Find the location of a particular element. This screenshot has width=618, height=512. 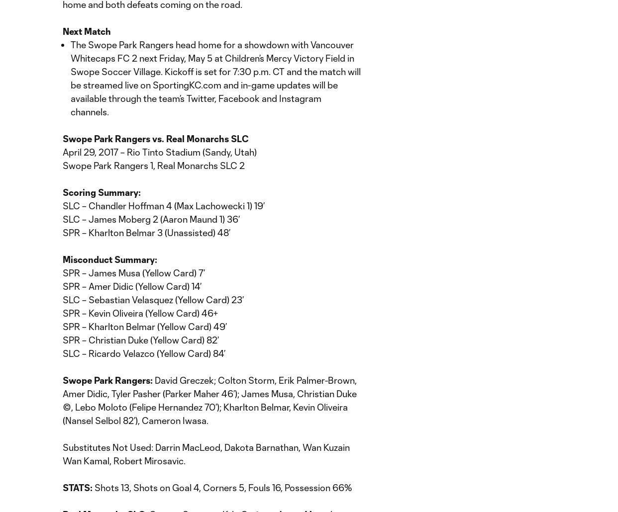

'Scoring Summary:' is located at coordinates (101, 192).